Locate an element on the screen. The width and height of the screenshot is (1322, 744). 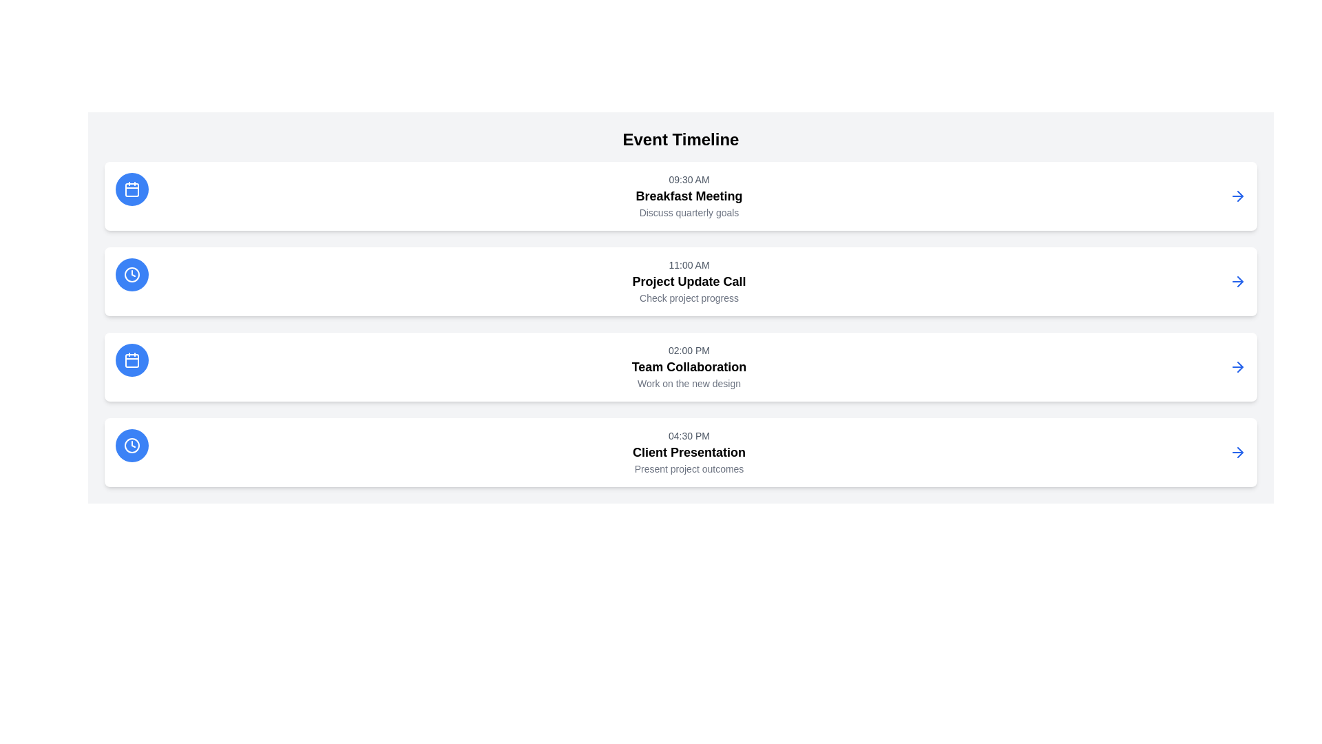
the 'Breakfast Meeting' header text element, which is bold and larger than surrounding text, positioned between the '09:30 AM' timestamp and 'Discuss quarterly goals' subtitle is located at coordinates (689, 196).